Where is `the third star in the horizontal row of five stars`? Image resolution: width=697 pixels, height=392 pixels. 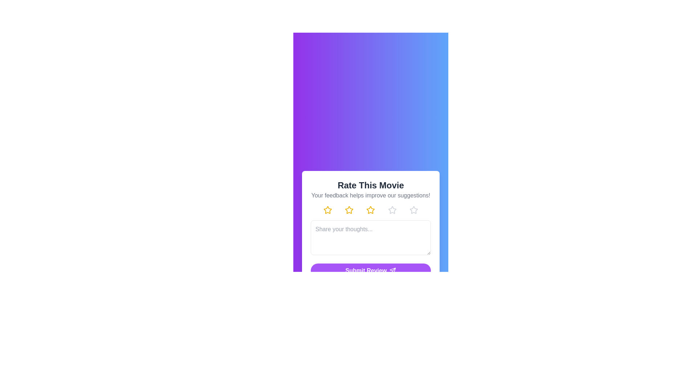
the third star in the horizontal row of five stars is located at coordinates (371, 210).